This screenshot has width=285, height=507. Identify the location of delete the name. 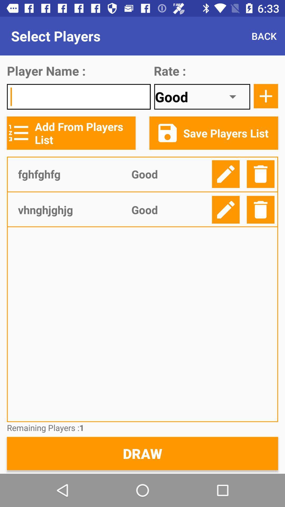
(260, 209).